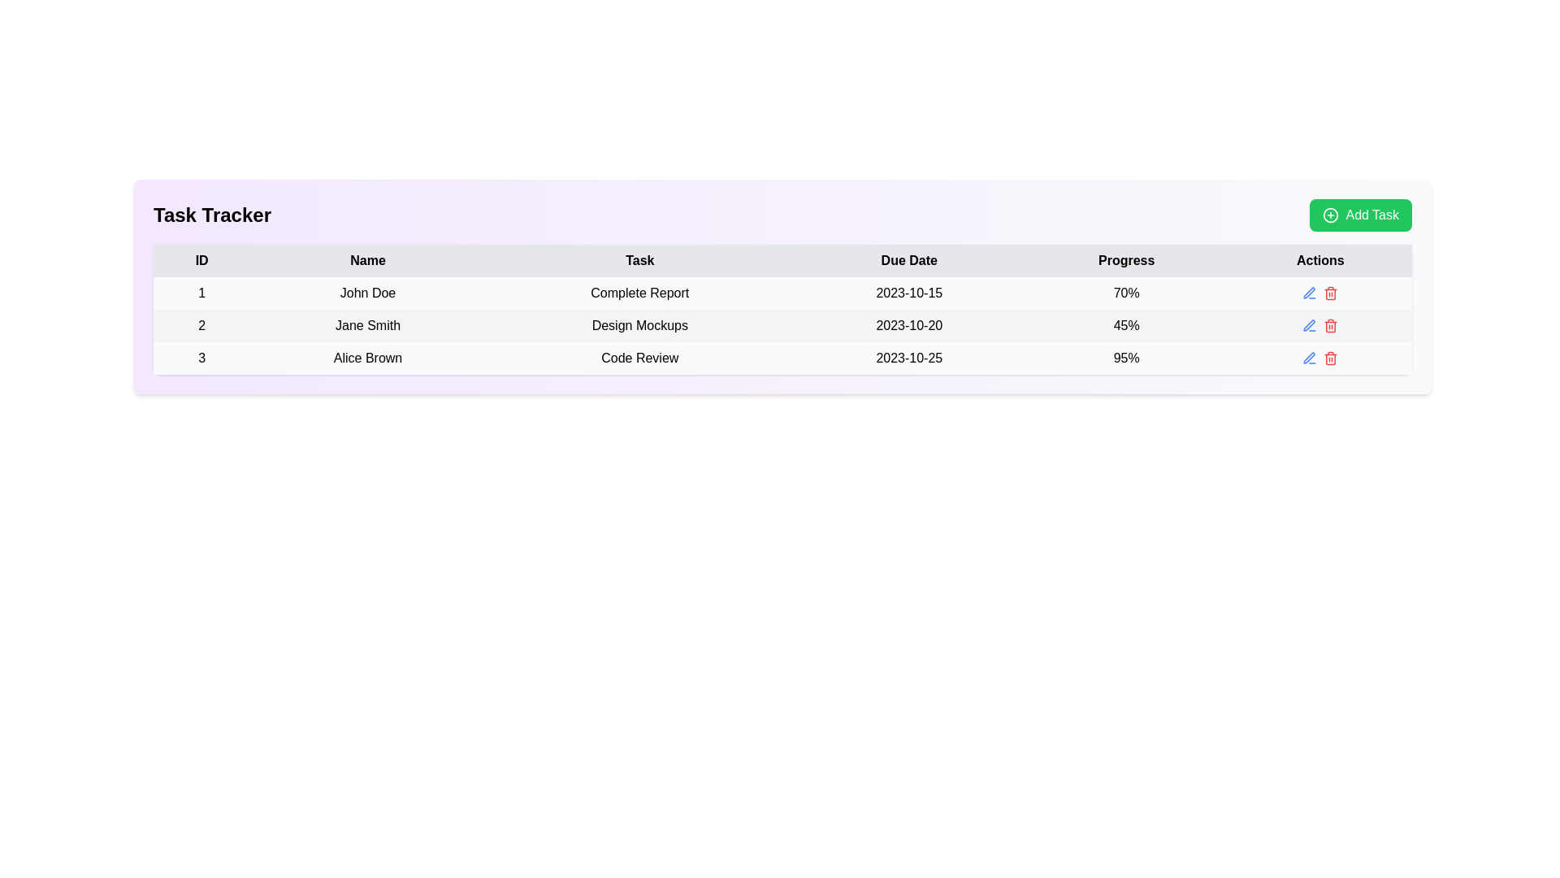 Image resolution: width=1560 pixels, height=878 pixels. What do you see at coordinates (1310, 293) in the screenshot?
I see `the editing icon located in the 'Actions' column of the third row in the table` at bounding box center [1310, 293].